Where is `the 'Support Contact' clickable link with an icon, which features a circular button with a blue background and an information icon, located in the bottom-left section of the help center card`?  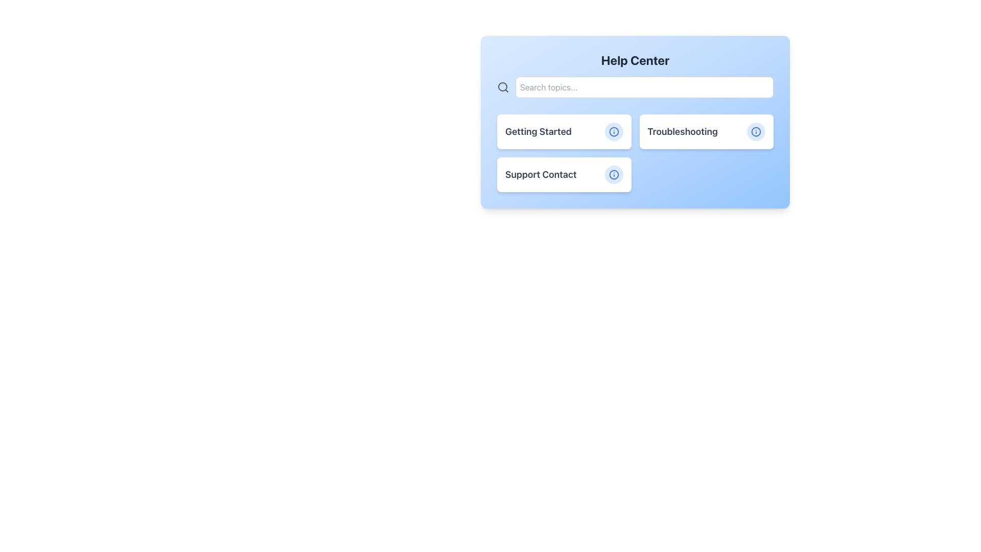 the 'Support Contact' clickable link with an icon, which features a circular button with a blue background and an information icon, located in the bottom-left section of the help center card is located at coordinates (564, 174).